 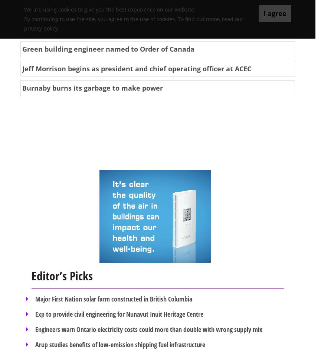 I want to click on 'I agree', so click(x=274, y=13).